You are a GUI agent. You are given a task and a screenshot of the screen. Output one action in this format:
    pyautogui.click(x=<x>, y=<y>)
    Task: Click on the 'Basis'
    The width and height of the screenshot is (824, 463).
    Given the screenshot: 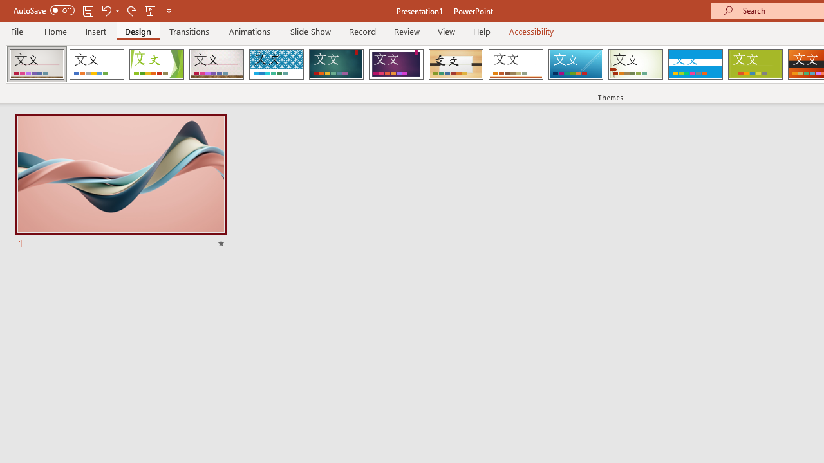 What is the action you would take?
    pyautogui.click(x=755, y=64)
    